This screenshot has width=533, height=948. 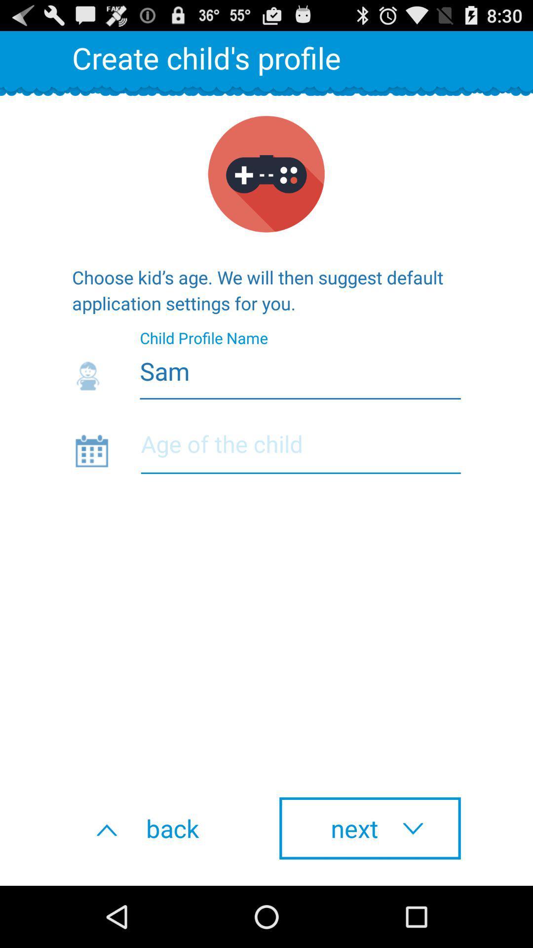 I want to click on the button to the left of the next item, so click(x=162, y=828).